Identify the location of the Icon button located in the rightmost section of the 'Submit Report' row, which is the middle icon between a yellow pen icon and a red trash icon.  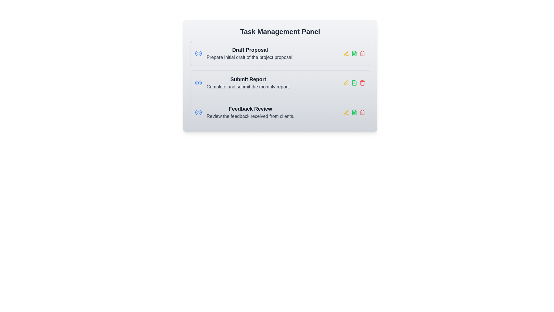
(354, 83).